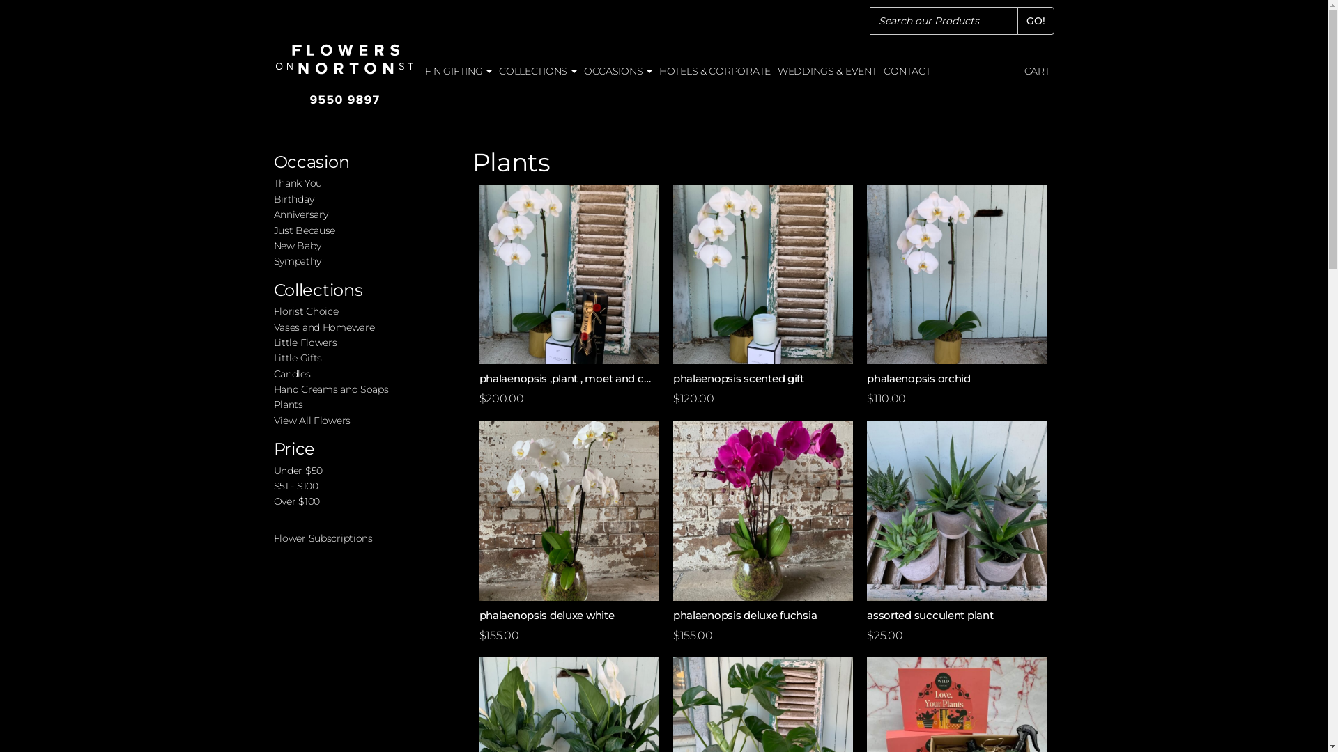  I want to click on 'Price', so click(293, 448).